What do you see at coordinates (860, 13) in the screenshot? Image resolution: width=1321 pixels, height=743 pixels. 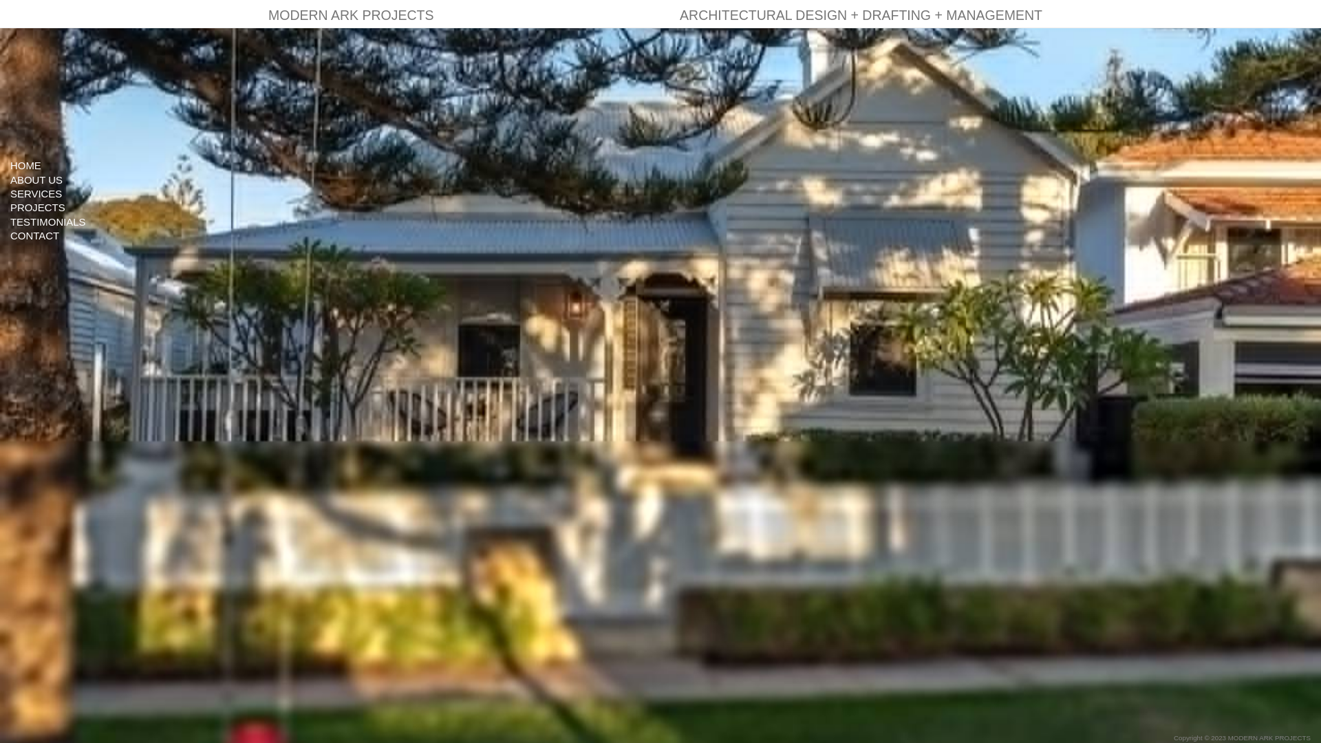 I see `'ARCHITECTURAL DESIGN + DRAFTING + MANAGEMENT'` at bounding box center [860, 13].